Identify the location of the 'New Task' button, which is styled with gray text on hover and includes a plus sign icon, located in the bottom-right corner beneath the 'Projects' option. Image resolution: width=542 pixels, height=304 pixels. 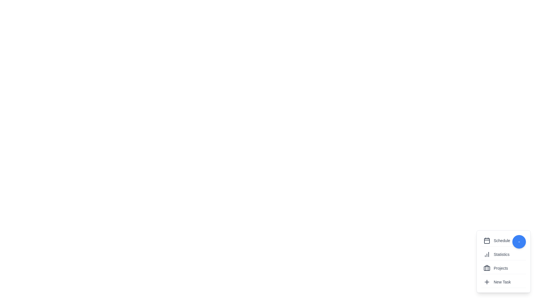
(504, 282).